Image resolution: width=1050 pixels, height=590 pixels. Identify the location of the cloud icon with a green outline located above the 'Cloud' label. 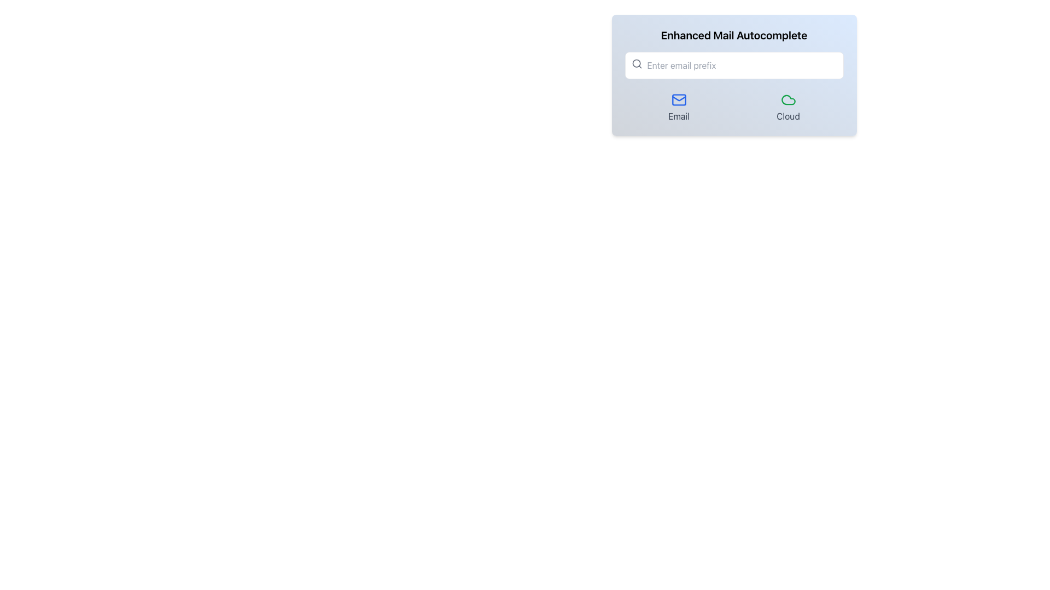
(788, 99).